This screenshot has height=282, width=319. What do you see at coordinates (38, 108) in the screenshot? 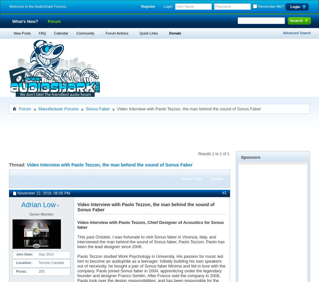
I see `'Manufacturer Forums'` at bounding box center [38, 108].